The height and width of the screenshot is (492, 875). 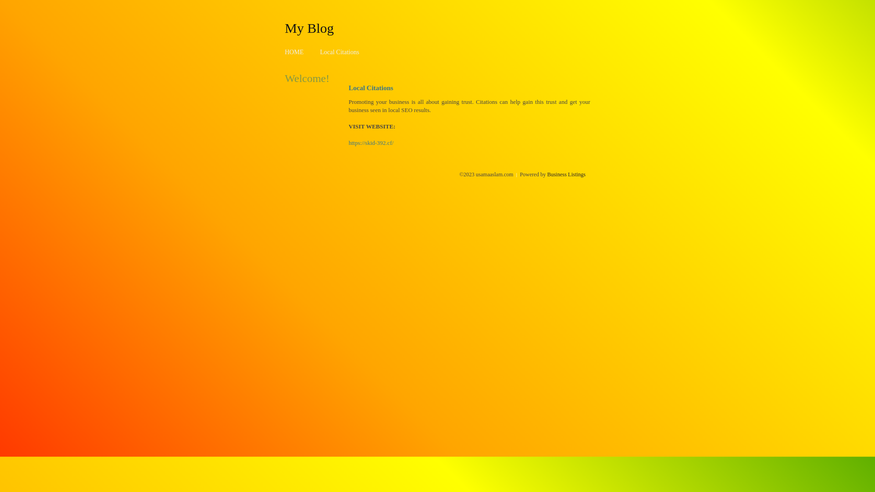 I want to click on 'https://skid-392.cf/', so click(x=371, y=143).